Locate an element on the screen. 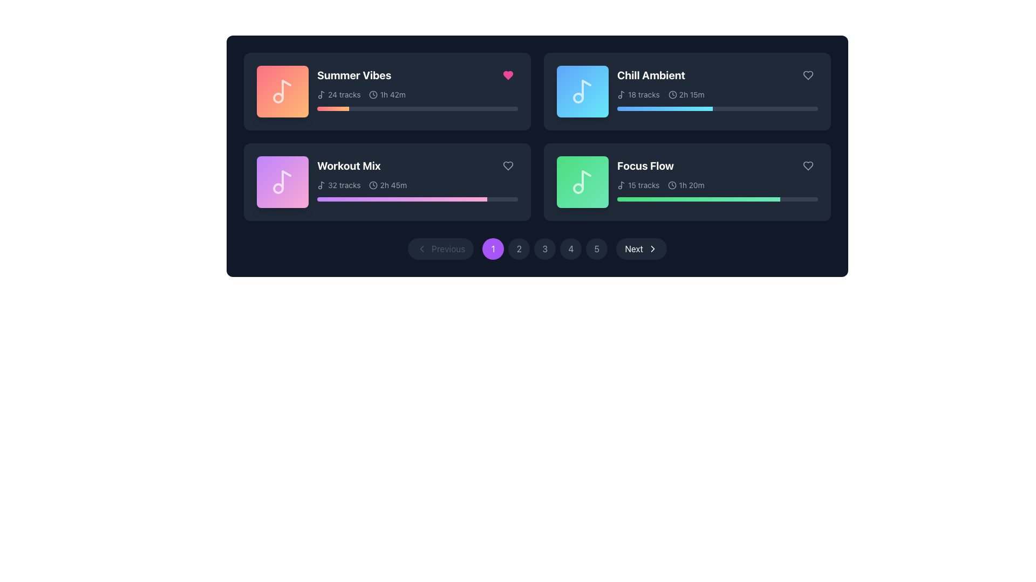  the musical note icon located in the 'Workout Mix' card, which is positioned to the left of the text '32 tracks' is located at coordinates (321, 184).